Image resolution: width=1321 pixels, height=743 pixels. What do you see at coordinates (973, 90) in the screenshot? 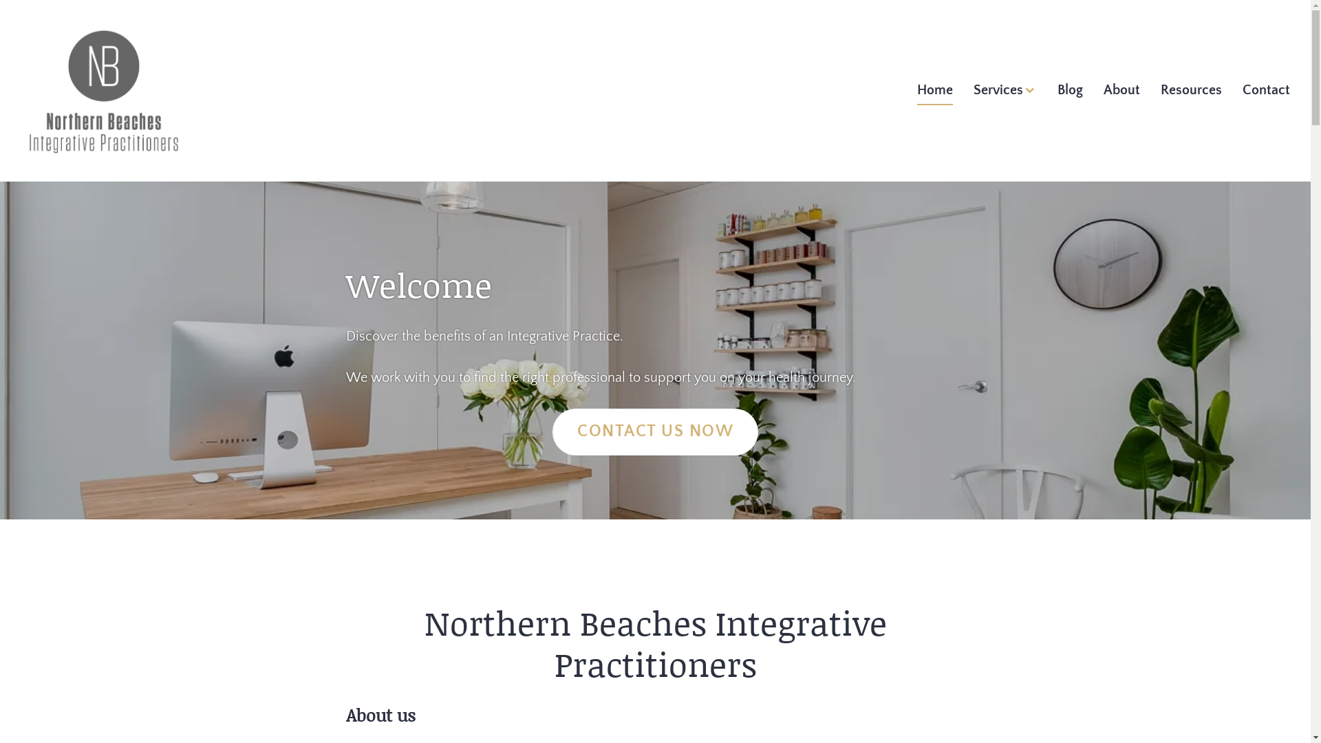
I see `'Services'` at bounding box center [973, 90].